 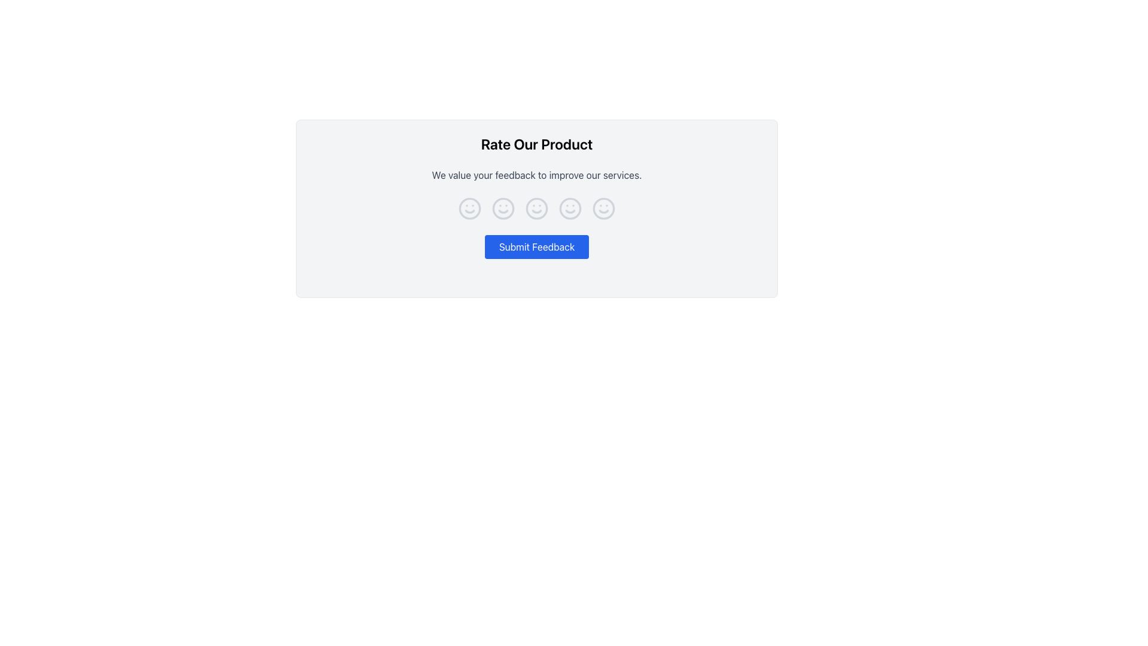 I want to click on the circular outline of the first smiley face icon in the feedback interface, so click(x=469, y=208).